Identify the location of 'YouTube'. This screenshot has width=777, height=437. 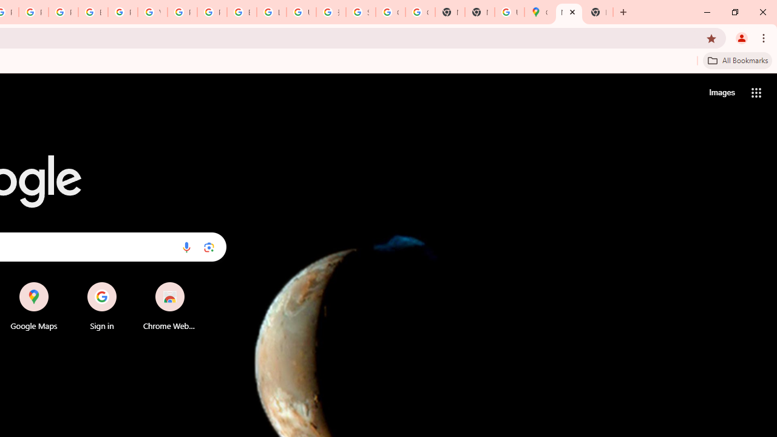
(152, 12).